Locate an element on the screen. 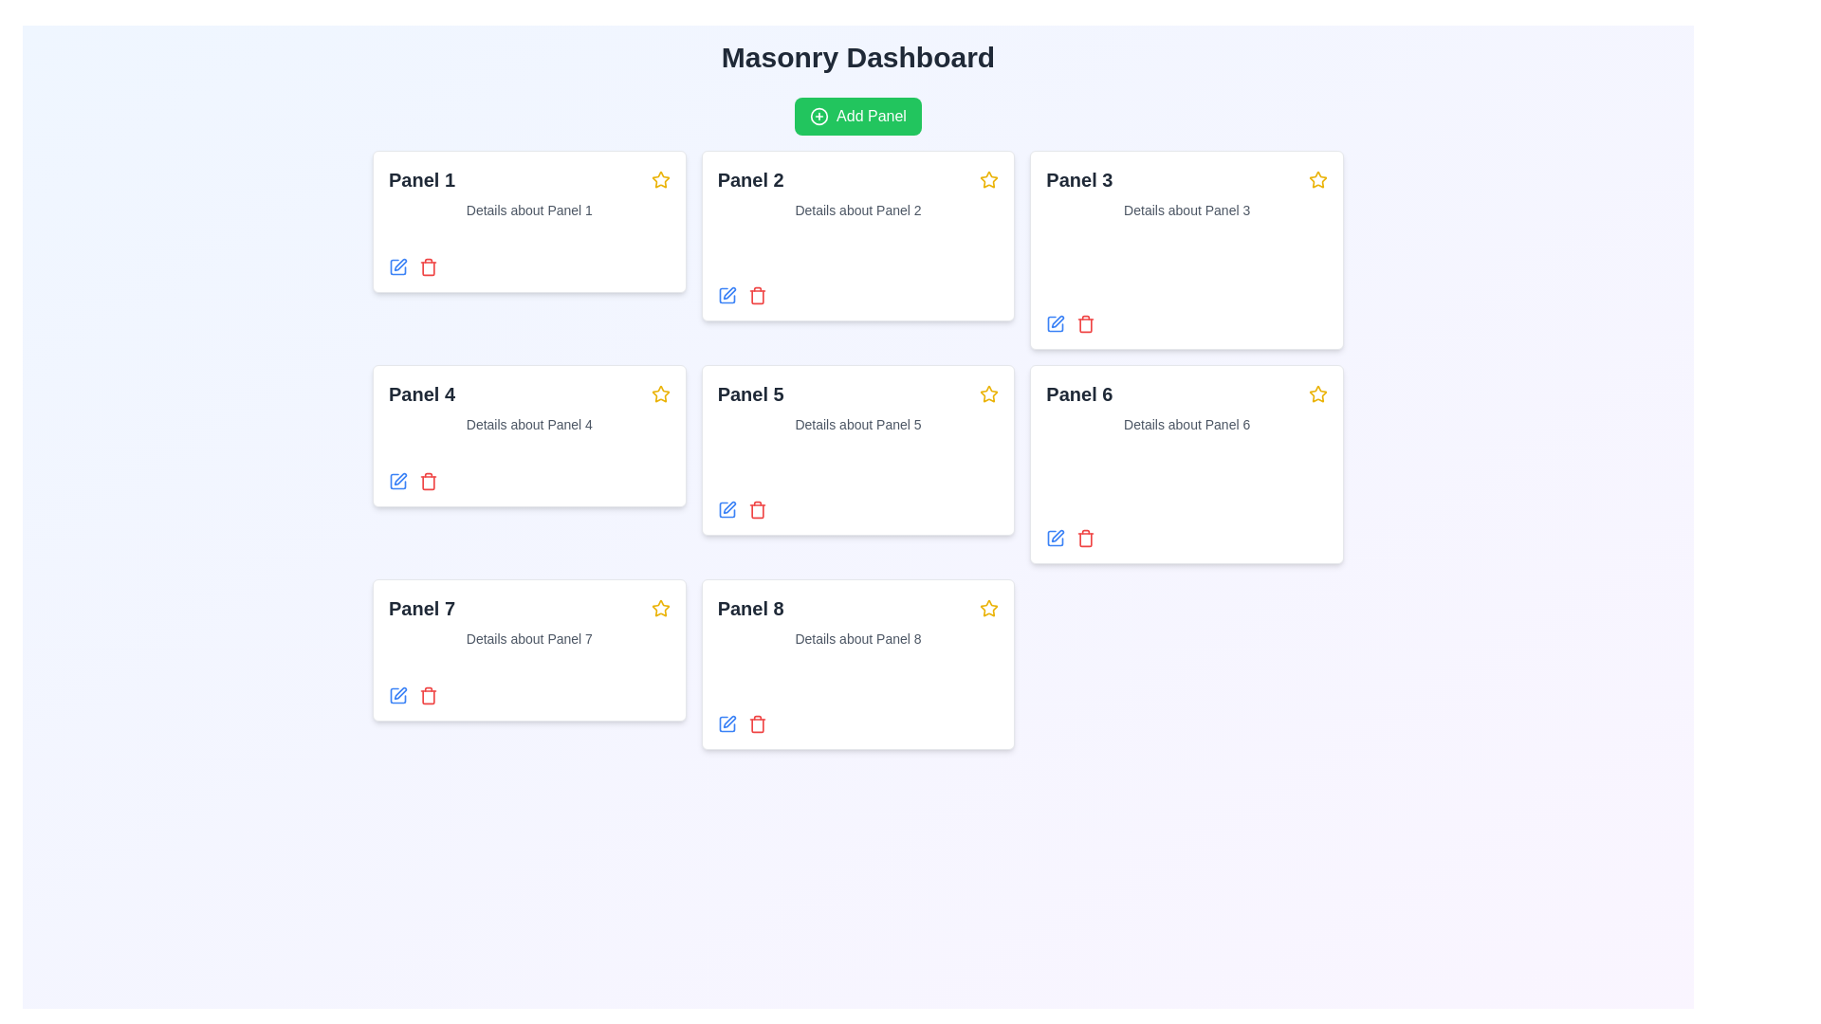 This screenshot has height=1024, width=1821. the yellow star icon located at the top-right corner of the 'Panel 1' card is located at coordinates (660, 179).